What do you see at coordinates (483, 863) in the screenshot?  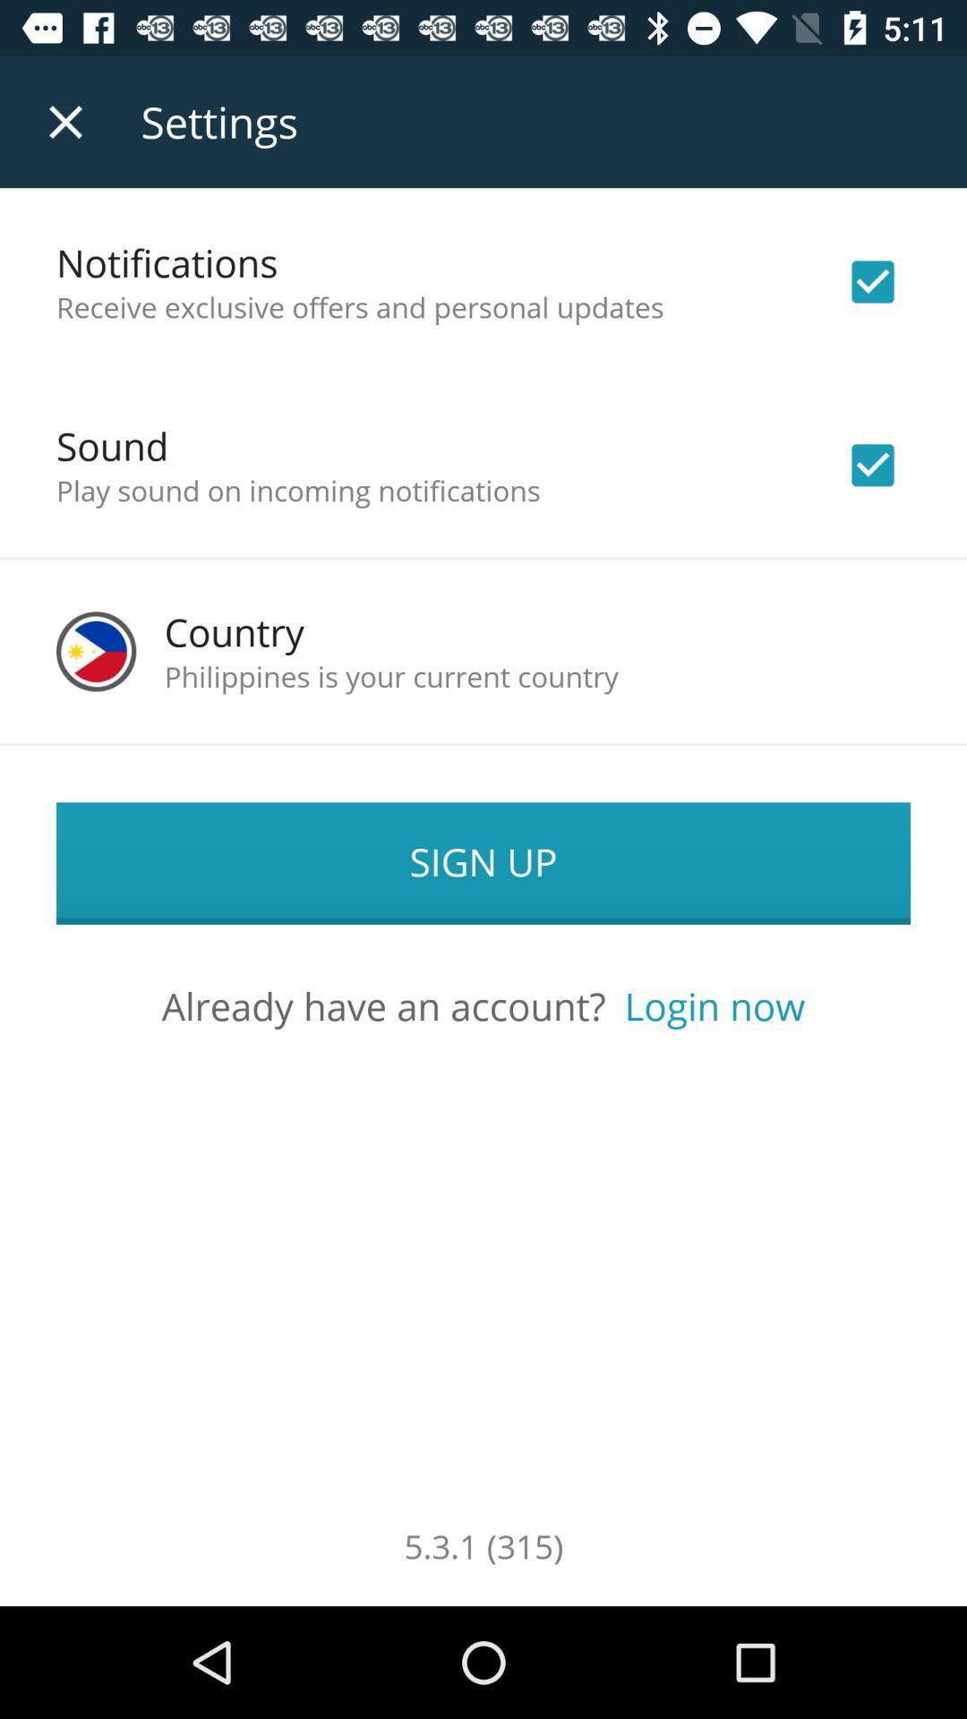 I see `sign up item` at bounding box center [483, 863].